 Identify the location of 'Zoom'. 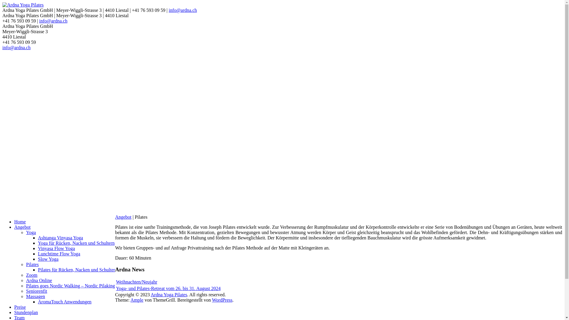
(31, 275).